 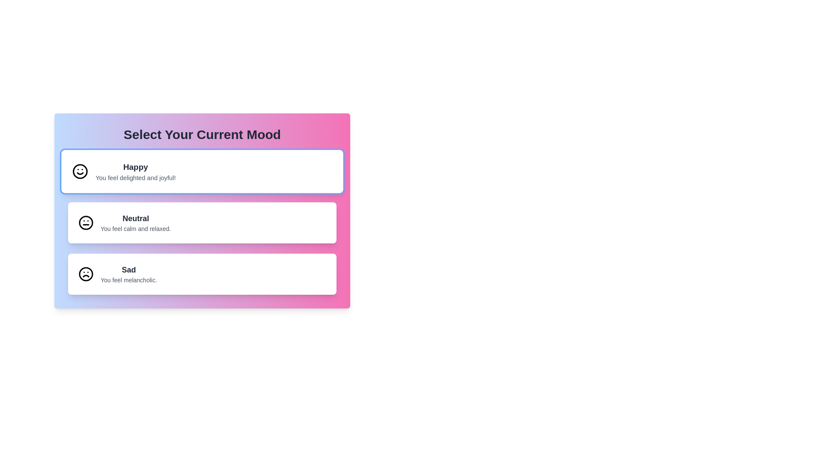 I want to click on the 'Sad' mood selection icon located to the left of the 'Sad' mood button in the vertical list of mood options, so click(x=86, y=274).